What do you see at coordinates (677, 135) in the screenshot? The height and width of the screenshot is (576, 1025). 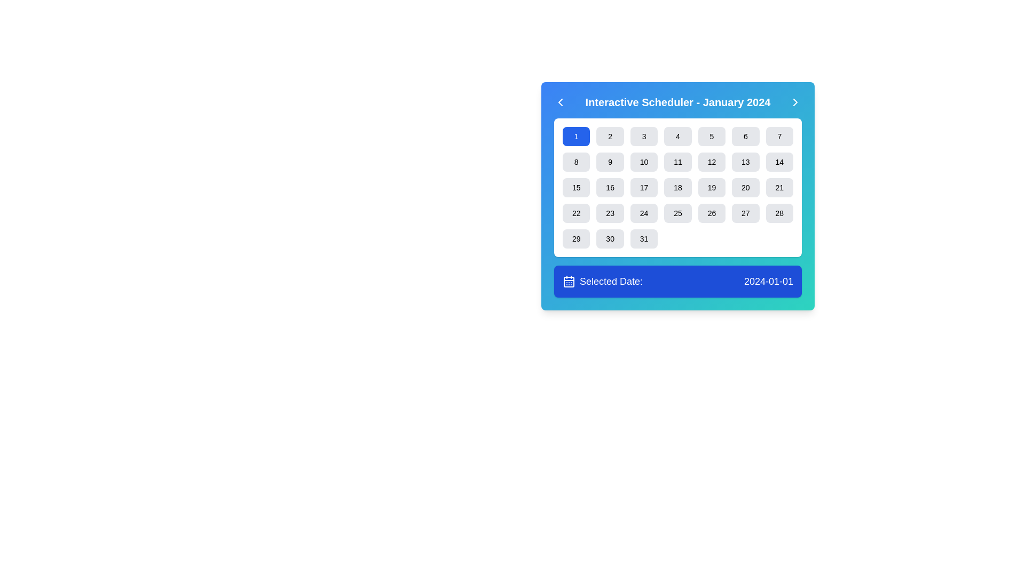 I see `the button representing day '4' in the calendar grid located in the fourth column of the first row` at bounding box center [677, 135].